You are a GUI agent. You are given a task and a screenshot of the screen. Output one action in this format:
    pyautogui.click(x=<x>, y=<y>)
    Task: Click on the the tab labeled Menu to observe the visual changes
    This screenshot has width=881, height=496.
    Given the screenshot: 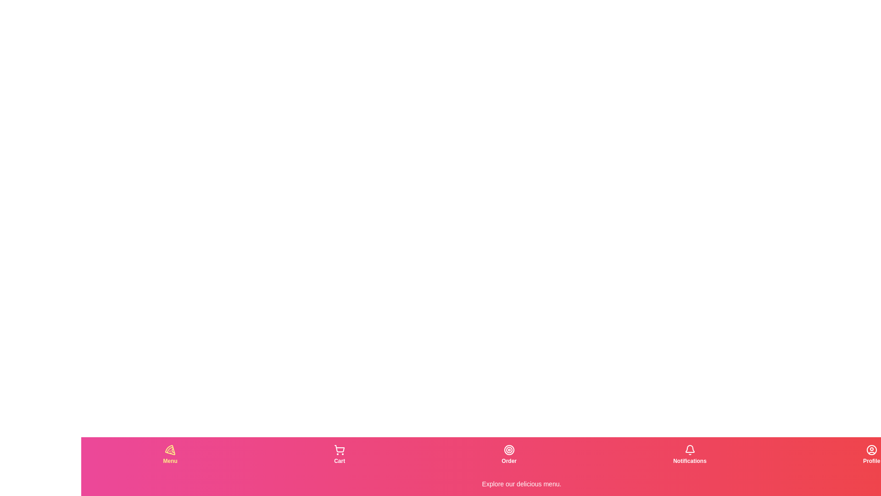 What is the action you would take?
    pyautogui.click(x=170, y=455)
    